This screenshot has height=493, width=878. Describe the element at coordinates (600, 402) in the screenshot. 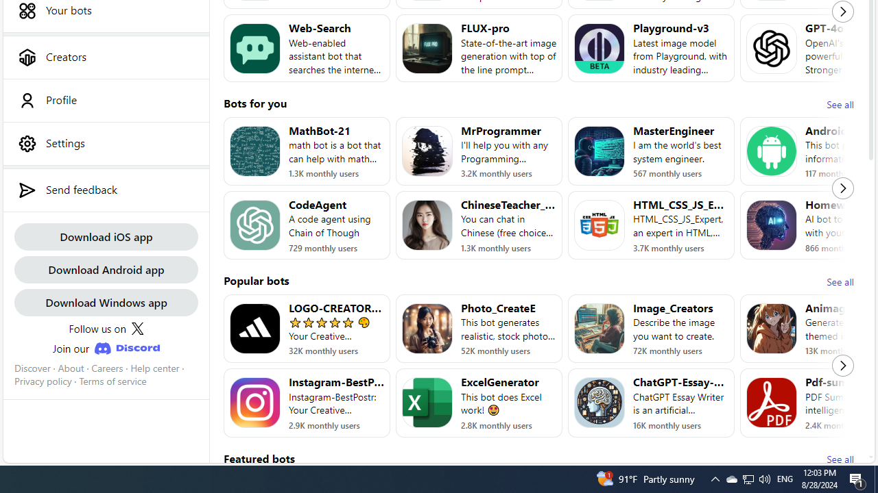

I see `'Bot image for ChatGPT-Essay-Writer'` at that location.